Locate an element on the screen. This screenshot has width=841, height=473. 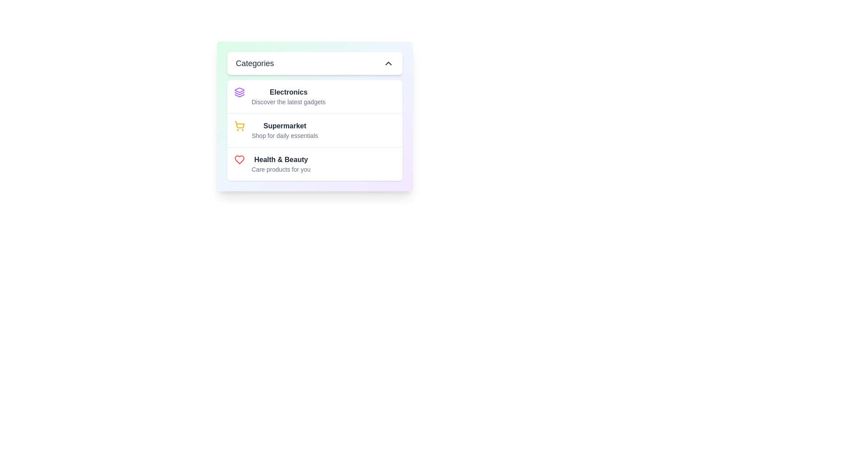
the icon located at the top-right corner of the 'Categories' section is located at coordinates (388, 63).